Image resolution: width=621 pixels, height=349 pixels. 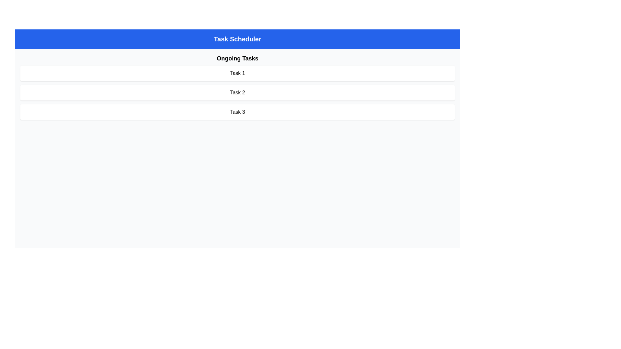 What do you see at coordinates (237, 58) in the screenshot?
I see `the Text Label that serves as a section header for the task list below, located beneath the 'Task Scheduler' title bar` at bounding box center [237, 58].